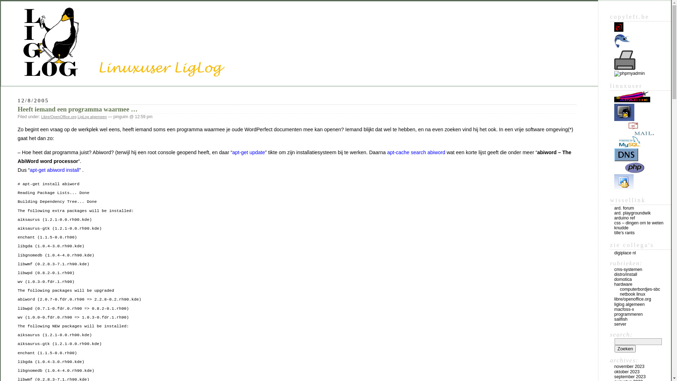  Describe the element at coordinates (628, 269) in the screenshot. I see `'cms-systemen'` at that location.